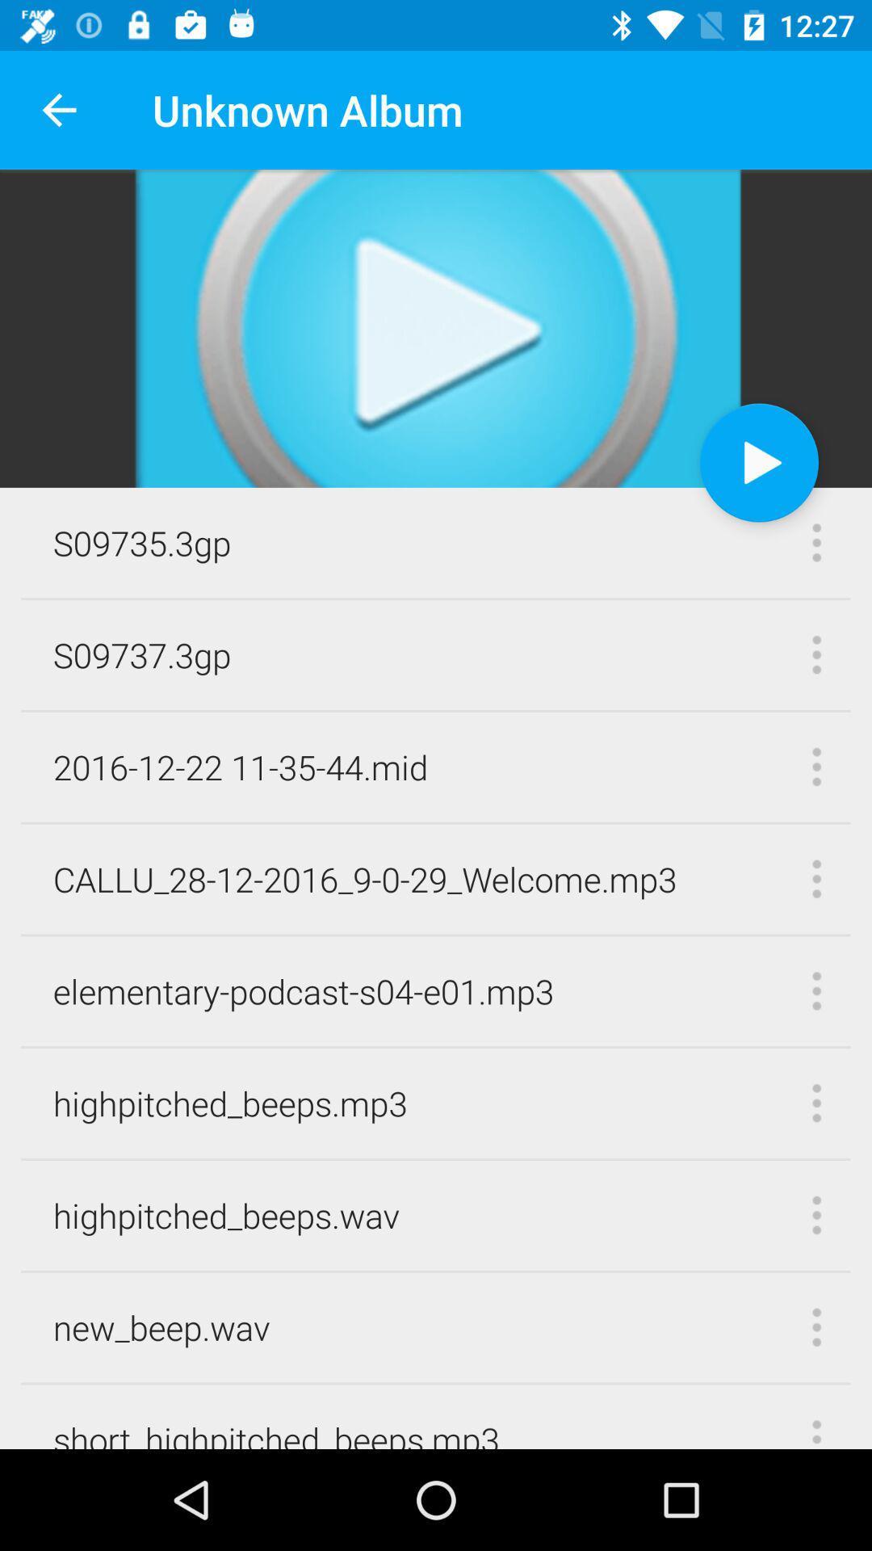 The height and width of the screenshot is (1551, 872). I want to click on new_beep.wav icon, so click(161, 1327).